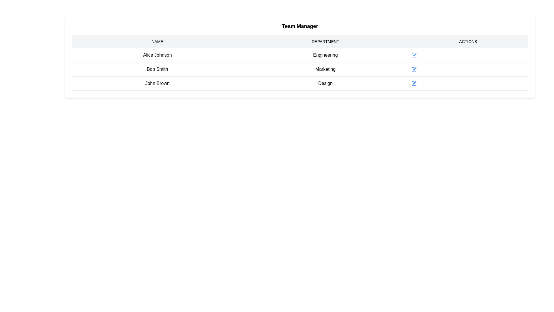 This screenshot has width=554, height=312. What do you see at coordinates (414, 68) in the screenshot?
I see `the pen icon in the 'Actions' column of the team management table, specifically located in the third row under 'Bob Smith' in the 'Marketing' department` at bounding box center [414, 68].